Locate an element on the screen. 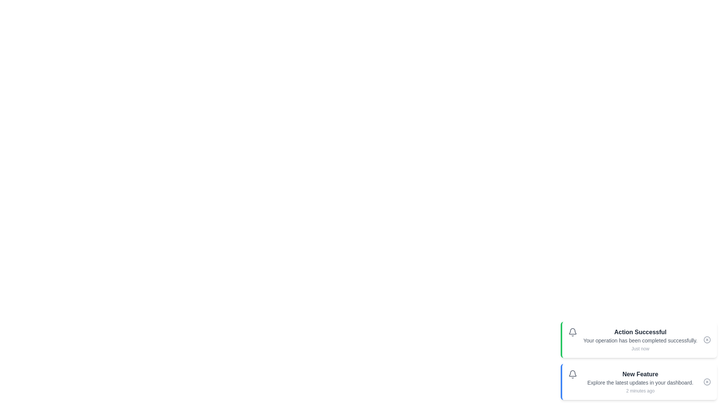 The height and width of the screenshot is (406, 723). the text block in the notification card that displays 'Action Successful' with the message 'Your operation has been completed successfully.' is located at coordinates (640, 339).